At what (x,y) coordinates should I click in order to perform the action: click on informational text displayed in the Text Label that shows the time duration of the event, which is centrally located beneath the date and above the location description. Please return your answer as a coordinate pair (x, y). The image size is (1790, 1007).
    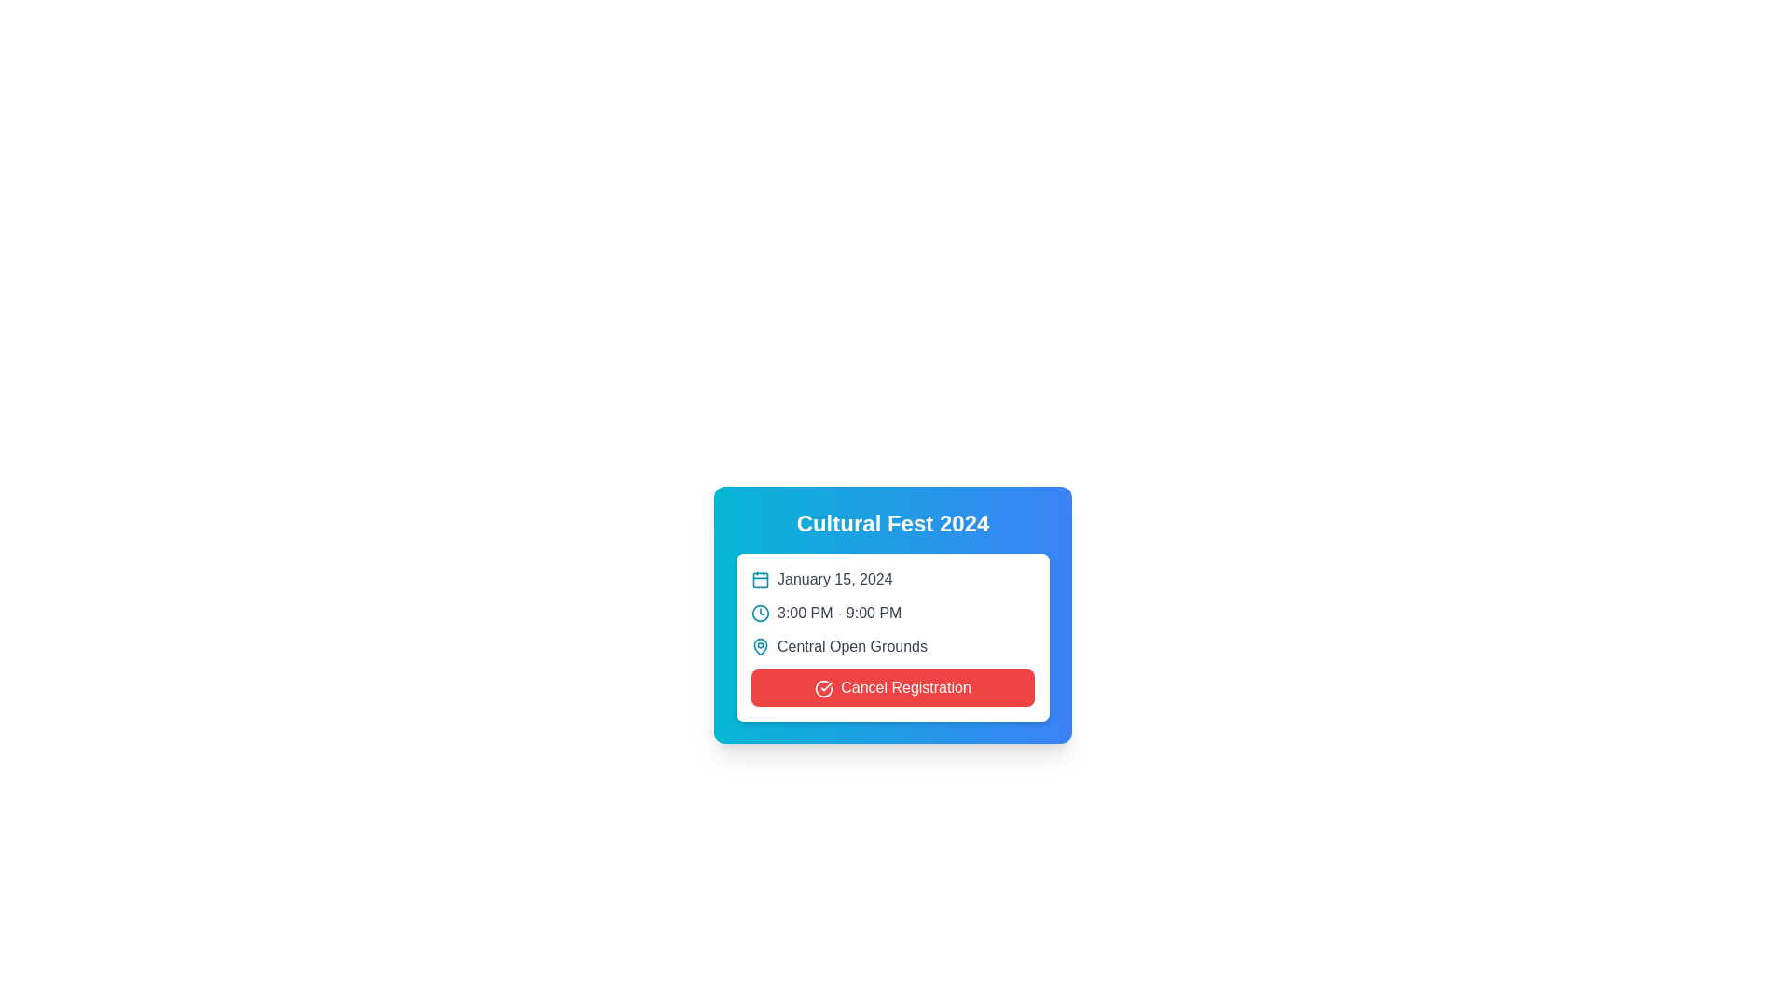
    Looking at the image, I should click on (838, 614).